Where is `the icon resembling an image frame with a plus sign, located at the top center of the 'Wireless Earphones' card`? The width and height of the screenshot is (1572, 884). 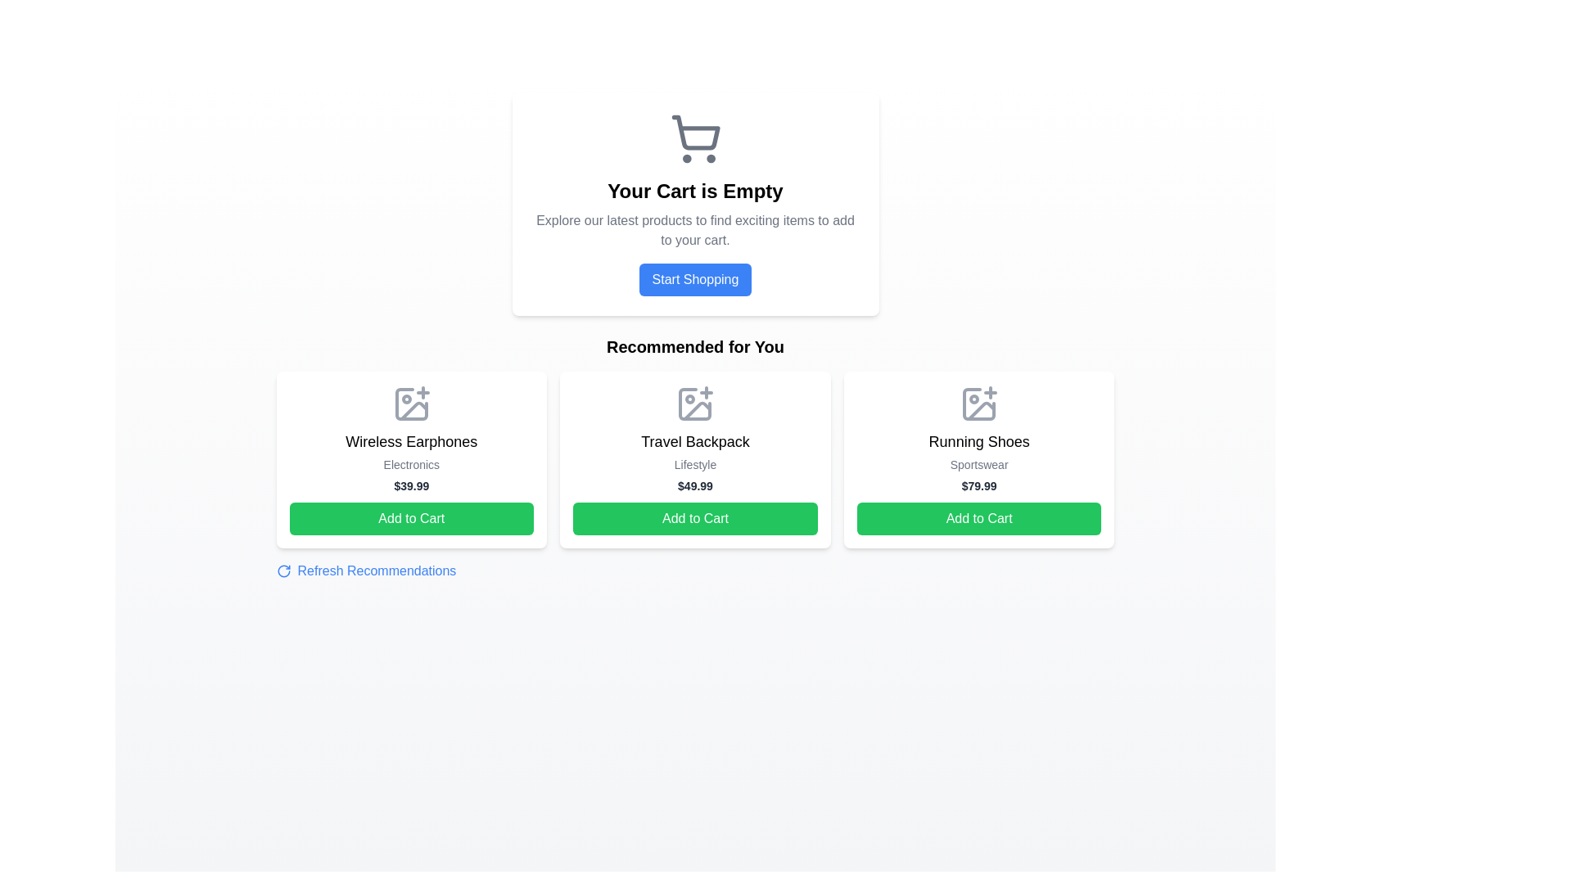 the icon resembling an image frame with a plus sign, located at the top center of the 'Wireless Earphones' card is located at coordinates (411, 404).